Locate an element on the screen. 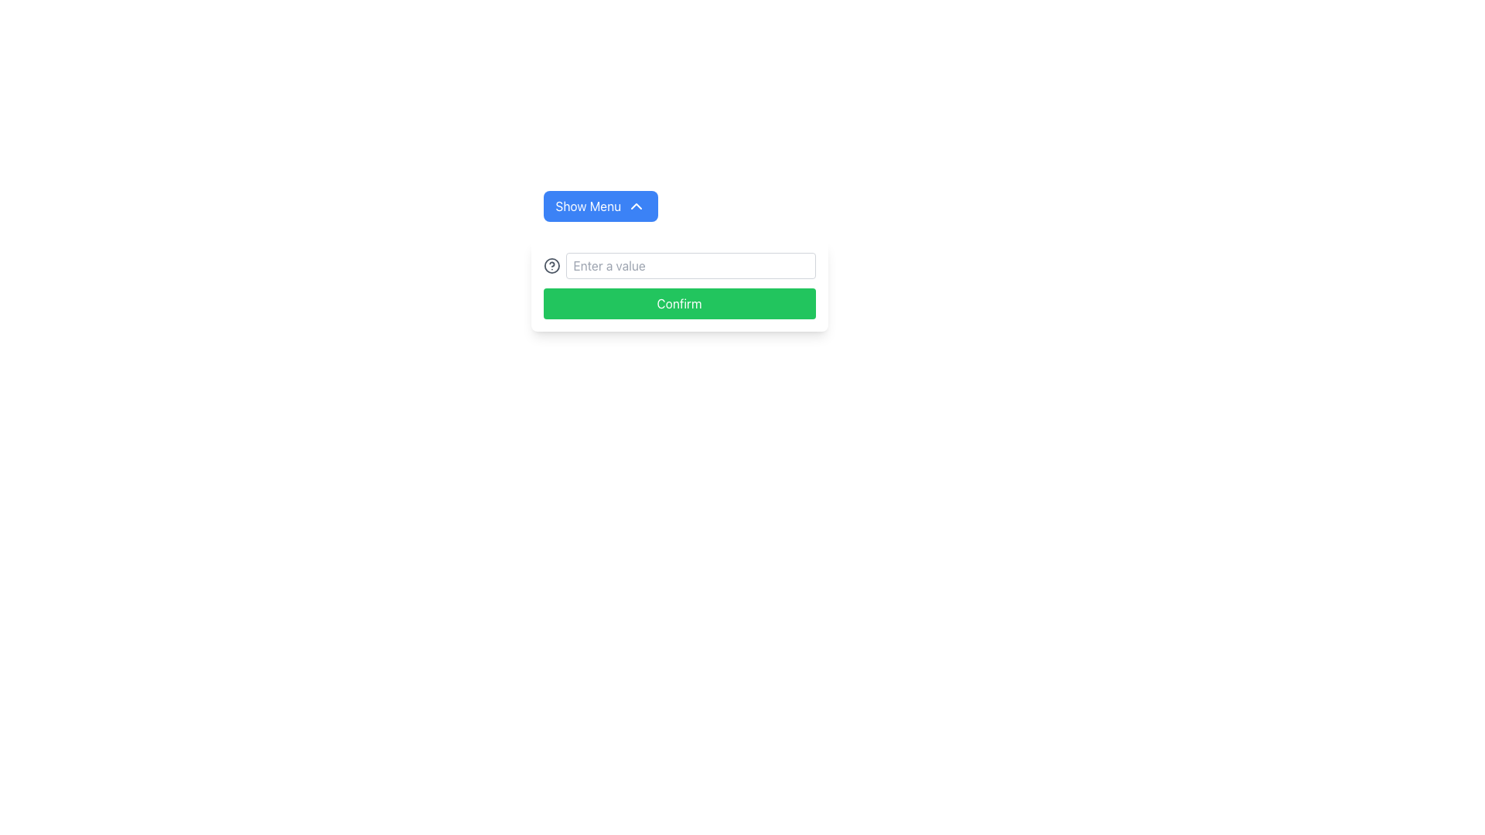  the confirmation button located at the bottom of the vertically arranged elements, directly below the text input field labeled 'Enter a value' to confirm an action is located at coordinates (679, 304).